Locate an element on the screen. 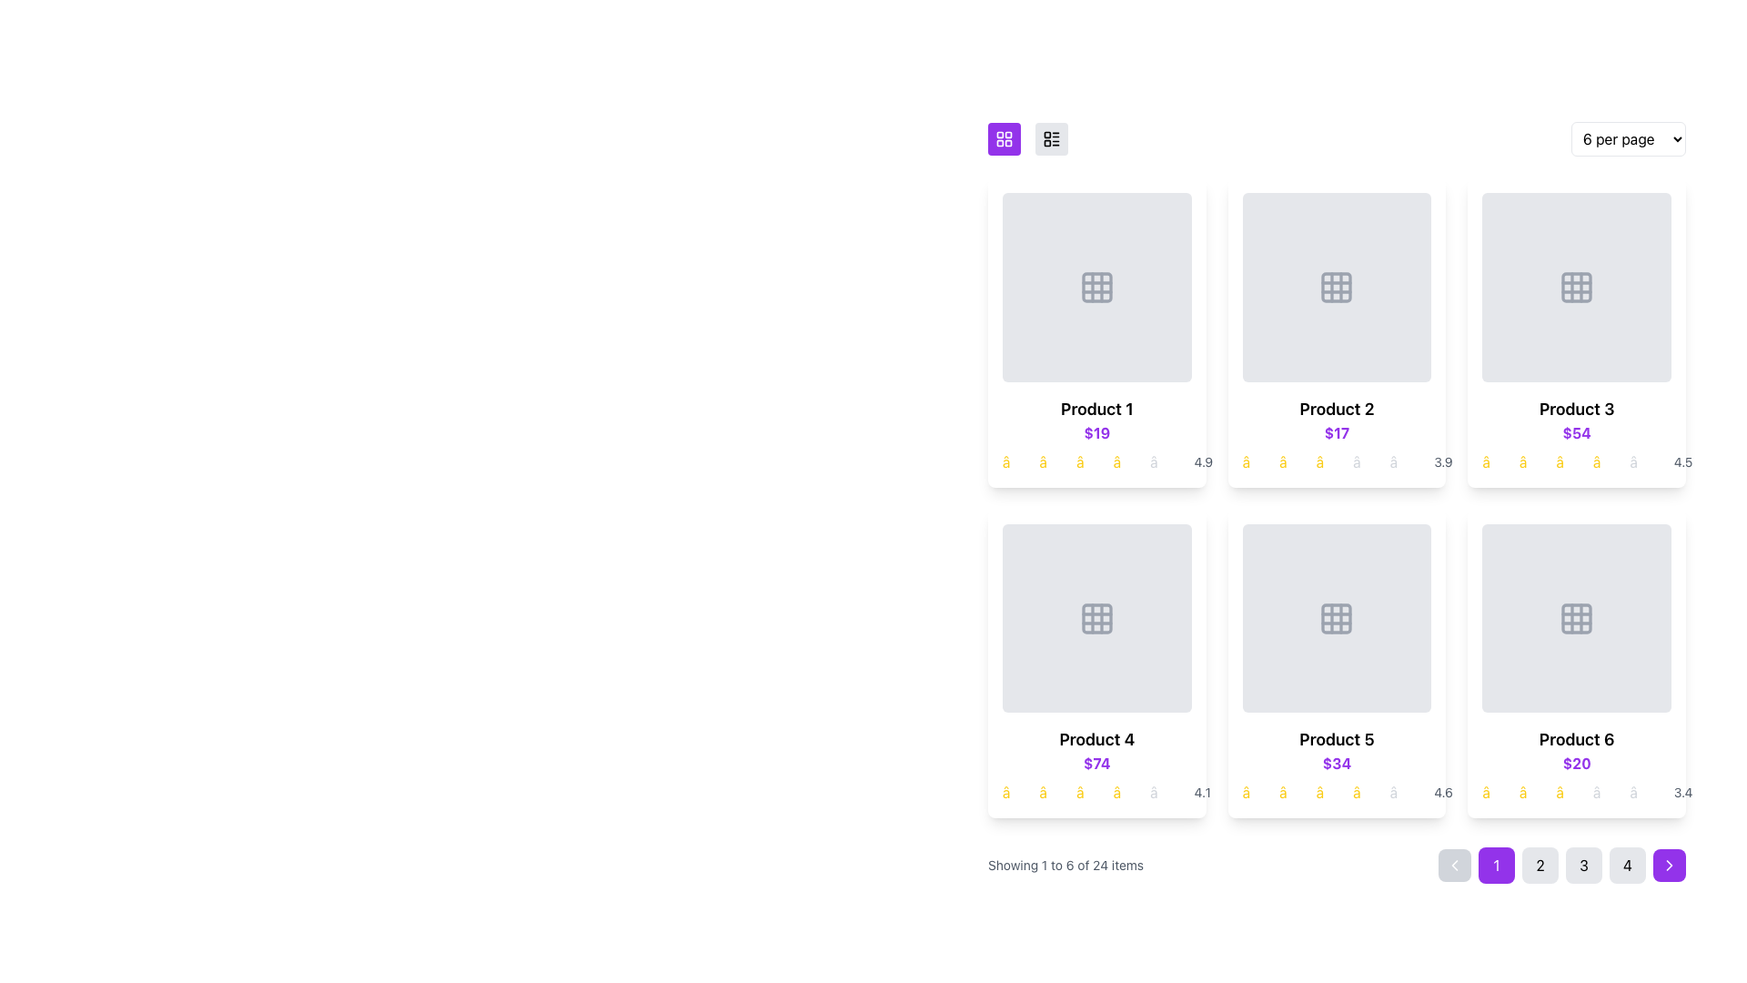 This screenshot has width=1747, height=983. the fourth pagination button is located at coordinates (1628, 865).